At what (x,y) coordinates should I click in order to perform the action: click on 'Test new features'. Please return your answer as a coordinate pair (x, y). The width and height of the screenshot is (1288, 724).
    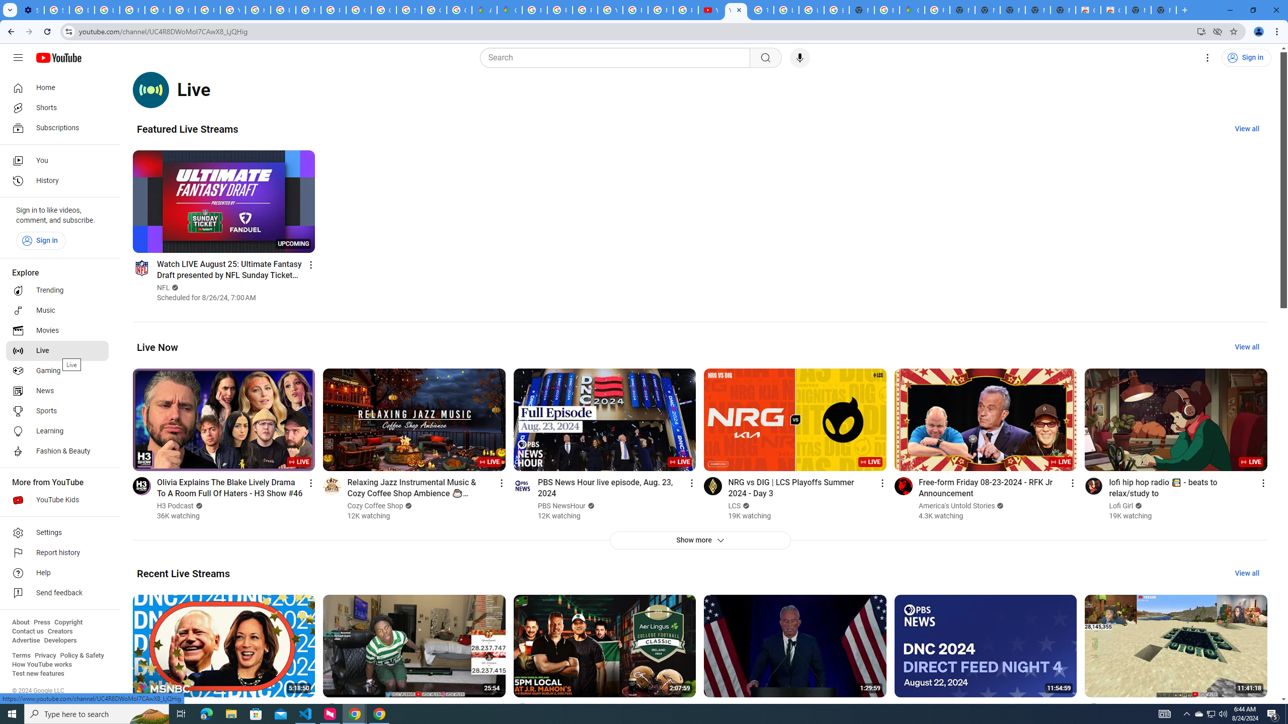
    Looking at the image, I should click on (37, 673).